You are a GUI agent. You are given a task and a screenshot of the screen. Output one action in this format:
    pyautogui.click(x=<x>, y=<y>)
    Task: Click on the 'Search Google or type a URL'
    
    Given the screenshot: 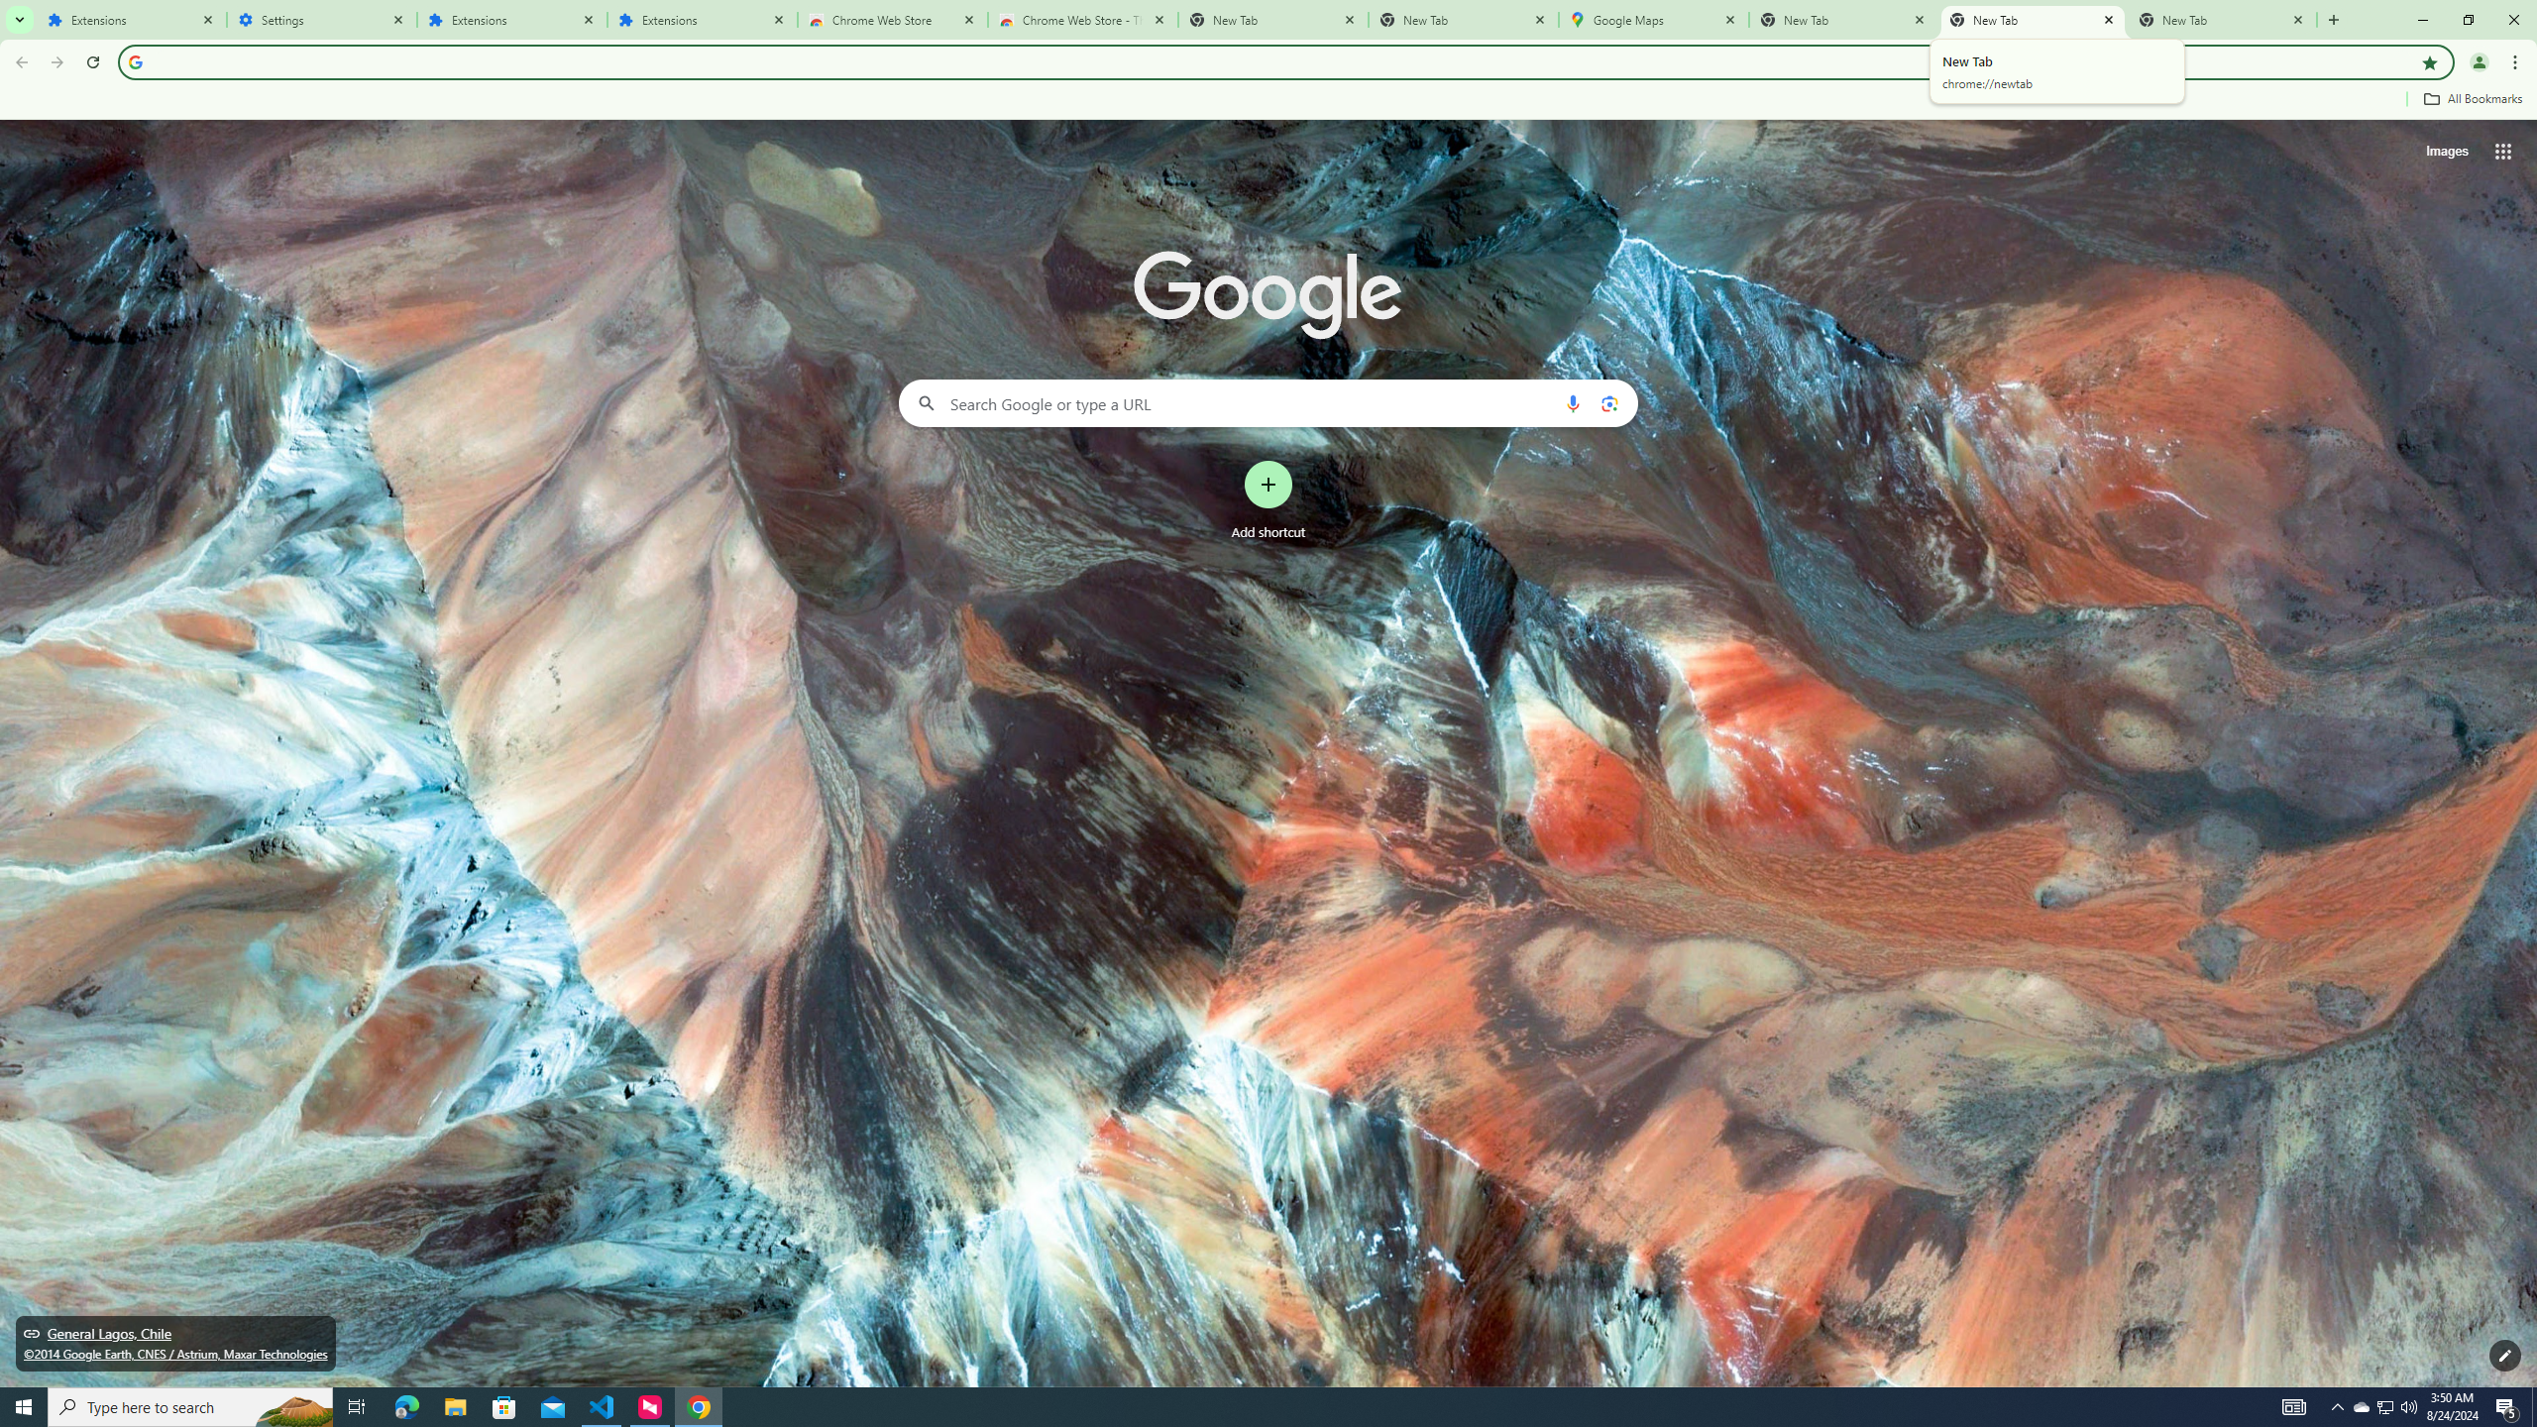 What is the action you would take?
    pyautogui.click(x=1268, y=401)
    